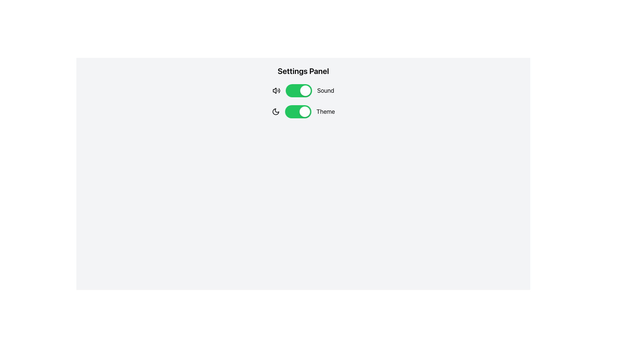 Image resolution: width=632 pixels, height=355 pixels. I want to click on the night mode icon, so click(276, 111).